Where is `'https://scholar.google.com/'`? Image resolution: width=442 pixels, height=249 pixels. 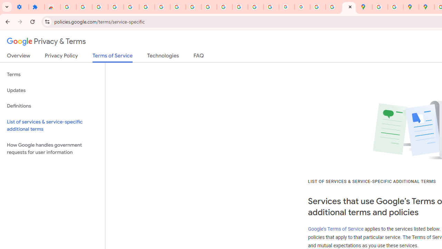
'https://scholar.google.com/' is located at coordinates (224, 7).